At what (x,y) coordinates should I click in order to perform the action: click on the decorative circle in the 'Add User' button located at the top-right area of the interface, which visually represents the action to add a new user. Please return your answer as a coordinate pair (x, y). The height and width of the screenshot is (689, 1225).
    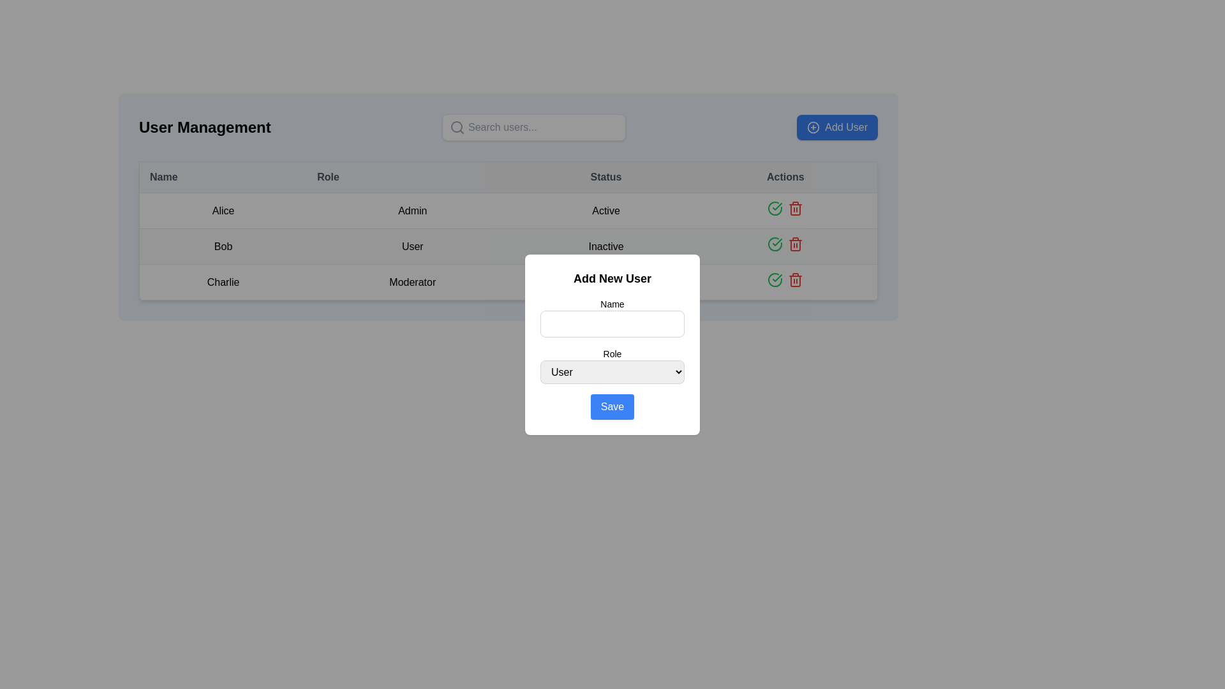
    Looking at the image, I should click on (813, 128).